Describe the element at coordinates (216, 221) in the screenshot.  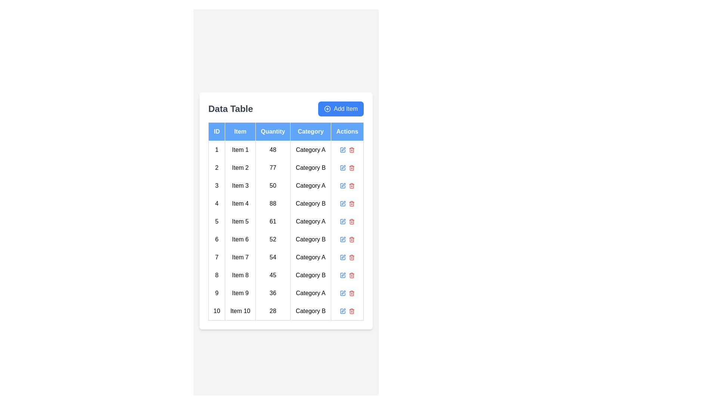
I see `the number '5' in bold black text located in the first column of the data table, specifically in the fifth row's leftmost cell` at that location.